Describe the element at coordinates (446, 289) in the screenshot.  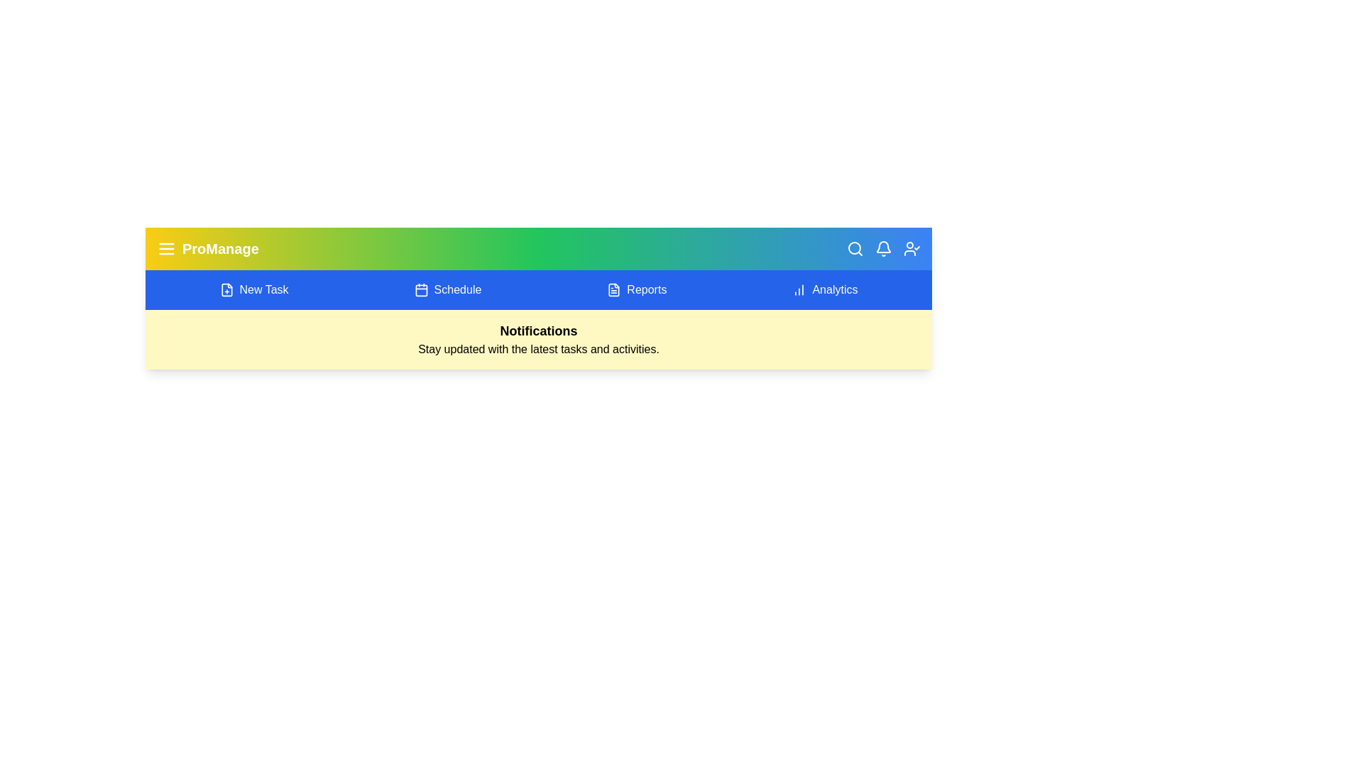
I see `the 'Schedule' button to navigate to the schedule page` at that location.